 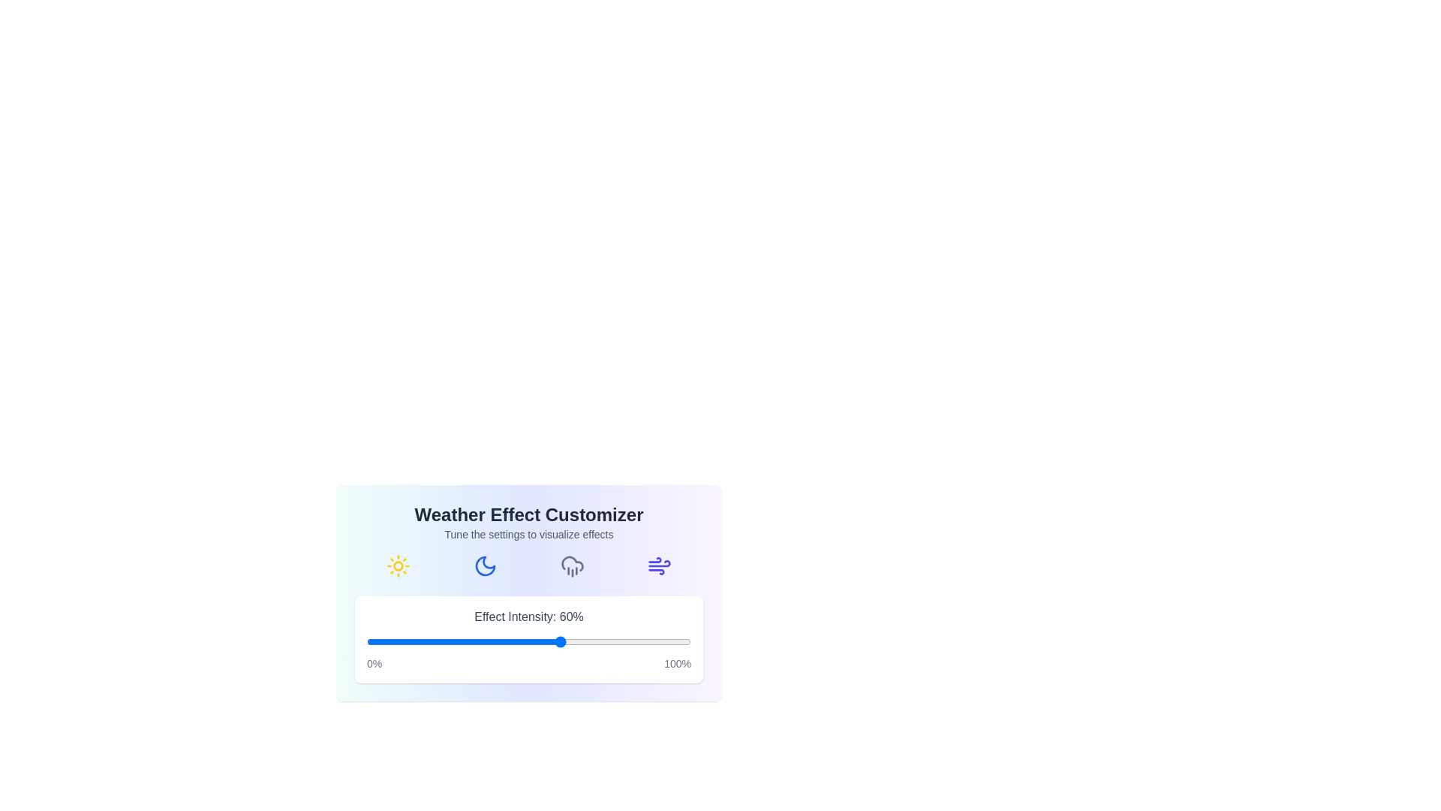 I want to click on the nighttime effects icon located in the 'Weather Effect Customizer' section, positioned between the sun-like icon and the raindrop-like icon, so click(x=486, y=565).